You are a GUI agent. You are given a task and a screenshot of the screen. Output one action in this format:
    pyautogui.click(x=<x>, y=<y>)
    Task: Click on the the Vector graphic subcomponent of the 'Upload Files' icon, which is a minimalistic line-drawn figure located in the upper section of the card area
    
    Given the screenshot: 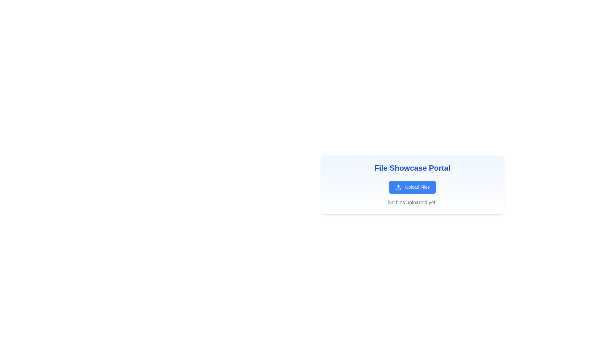 What is the action you would take?
    pyautogui.click(x=398, y=189)
    